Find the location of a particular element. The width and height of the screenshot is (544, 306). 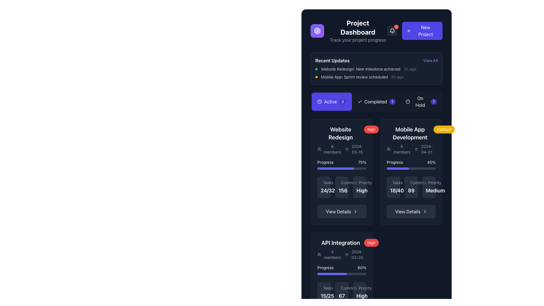

the completion status of the Progress bar located below the 'Progress 45%' text in the 'Mobile App Development' section is located at coordinates (411, 168).